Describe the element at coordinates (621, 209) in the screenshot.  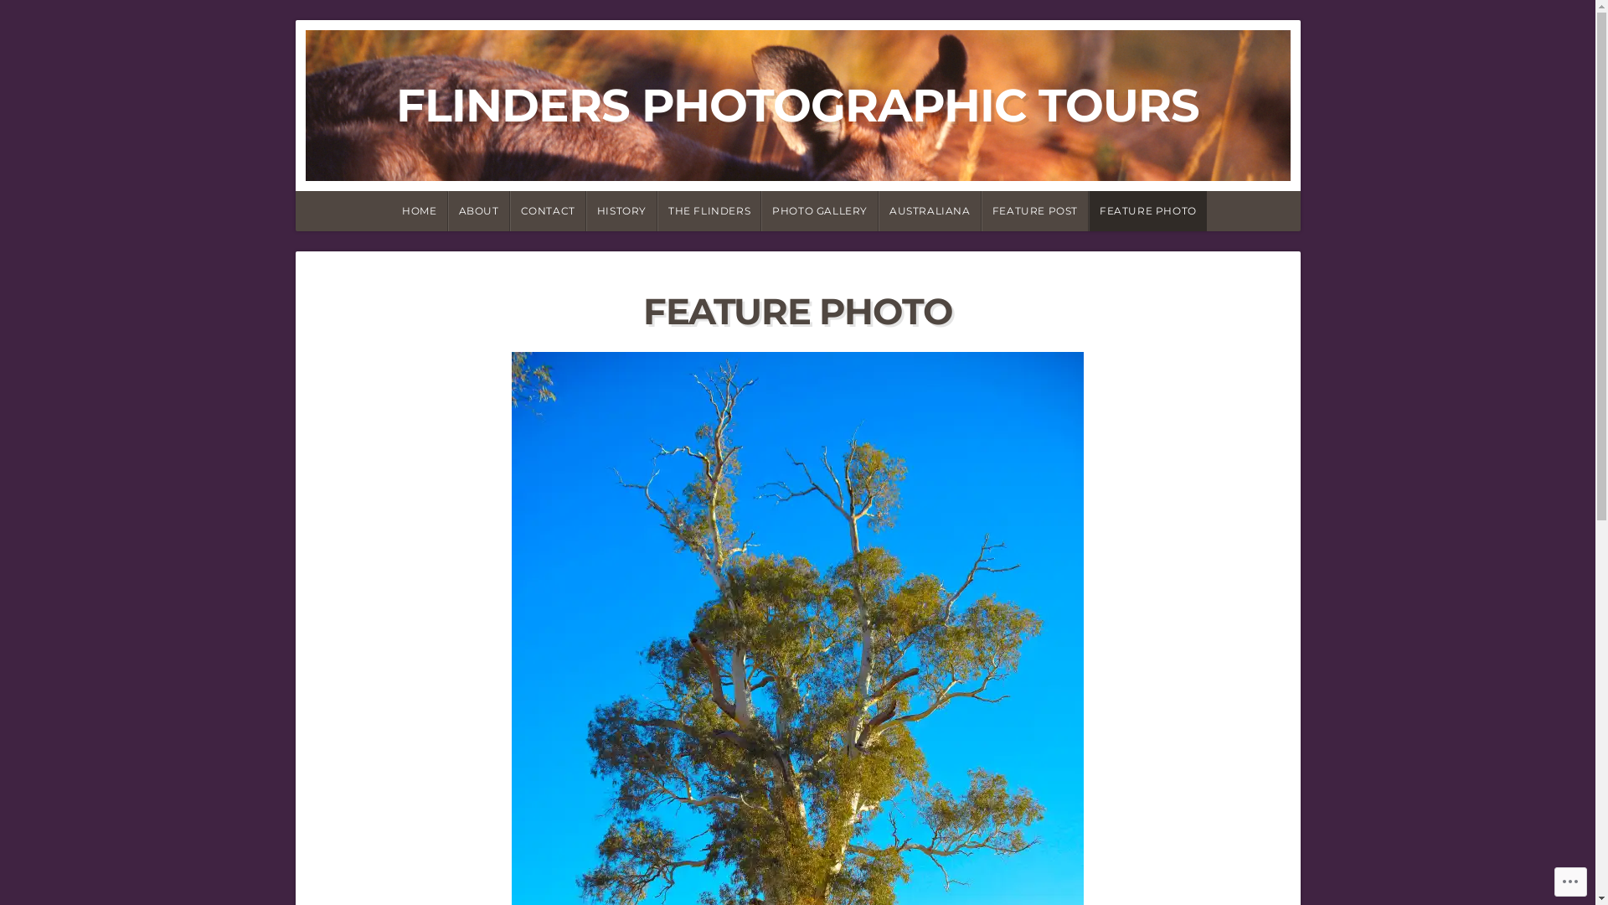
I see `'HISTORY'` at that location.